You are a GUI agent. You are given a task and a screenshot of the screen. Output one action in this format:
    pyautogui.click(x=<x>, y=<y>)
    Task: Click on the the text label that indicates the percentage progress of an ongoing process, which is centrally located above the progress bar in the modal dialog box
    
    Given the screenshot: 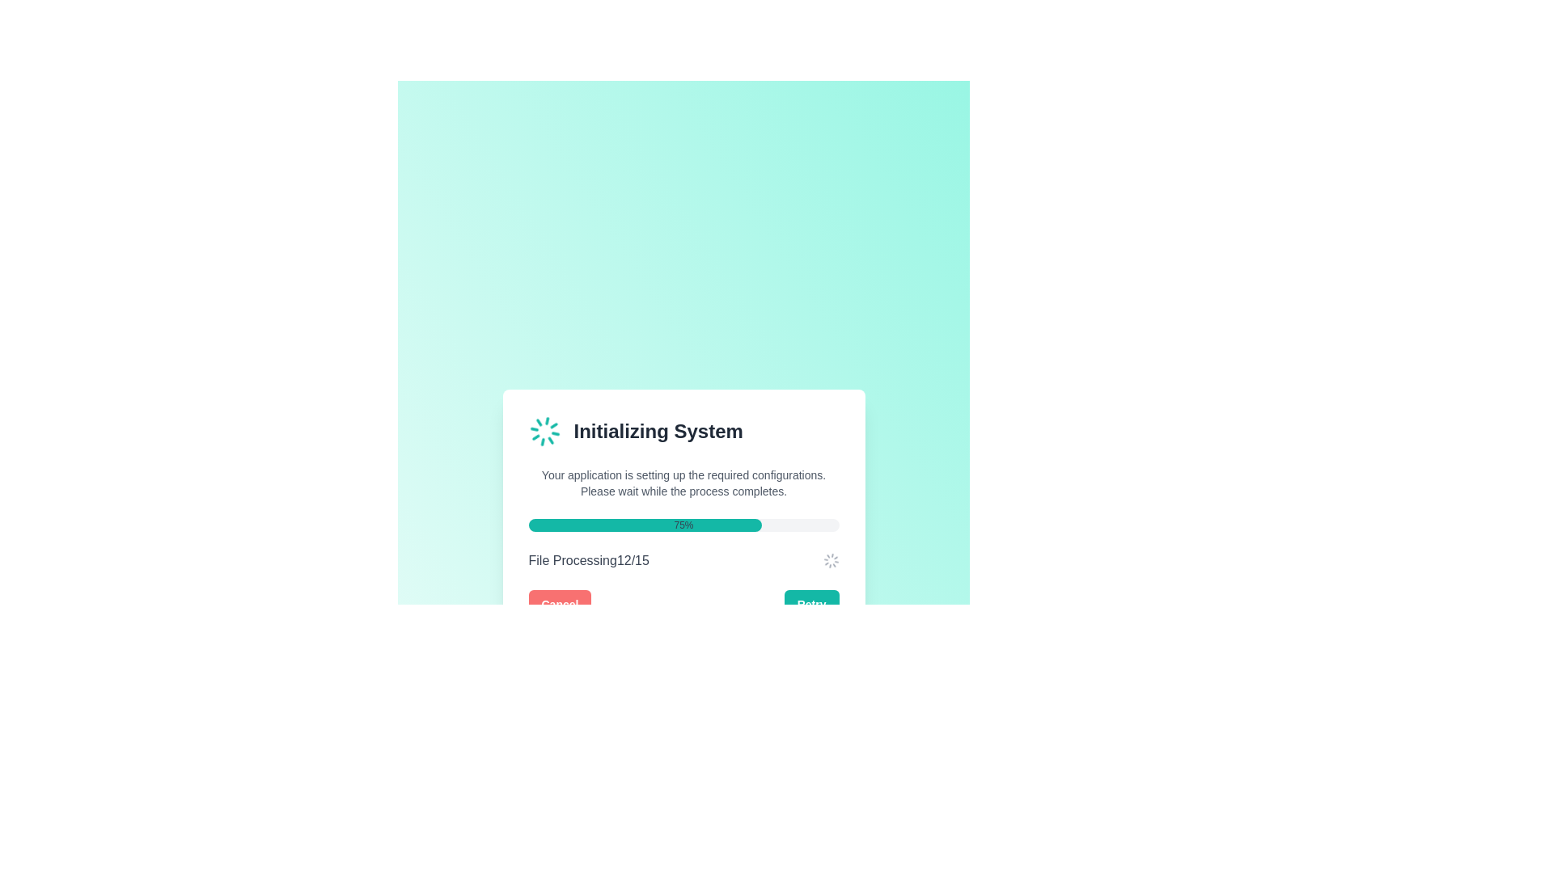 What is the action you would take?
    pyautogui.click(x=683, y=525)
    